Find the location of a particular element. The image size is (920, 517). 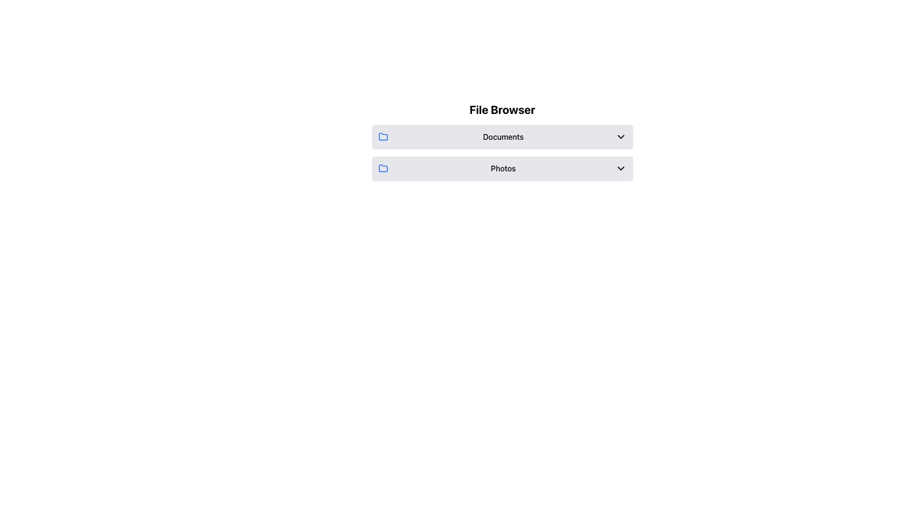

the 'Photos' folder entry in the file browser is located at coordinates (502, 168).